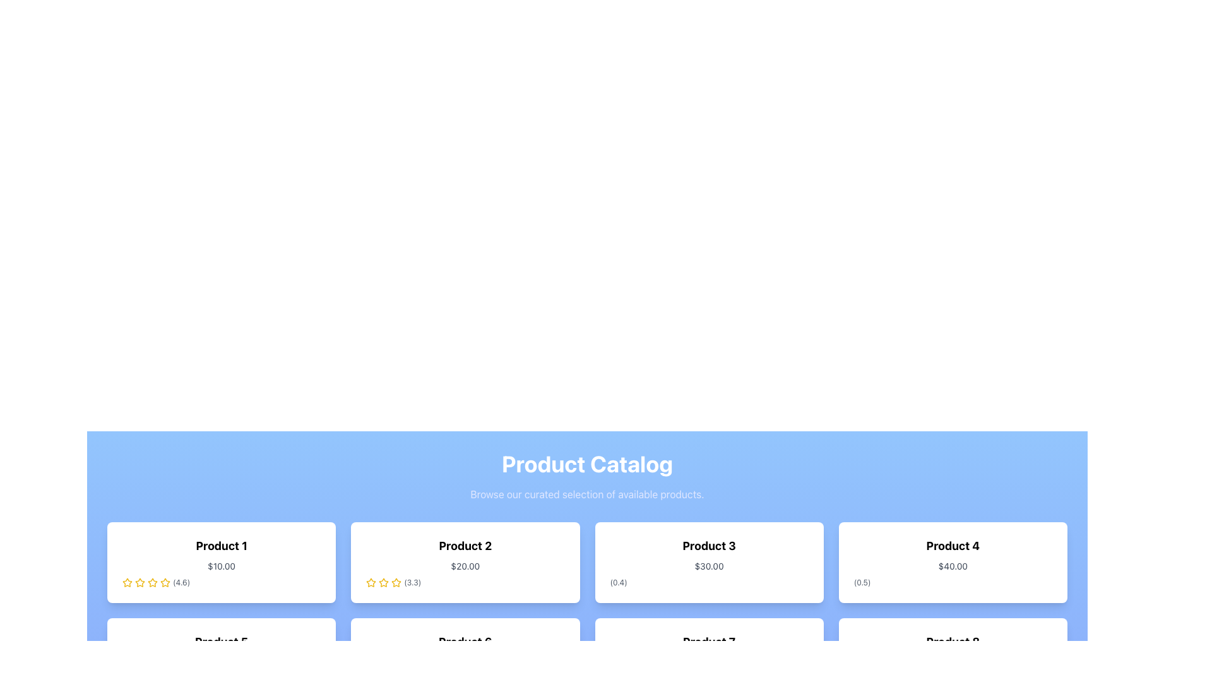 This screenshot has height=682, width=1212. I want to click on the product title text label located at the top center of the white card in the second row and second column of the product grid, so click(465, 642).